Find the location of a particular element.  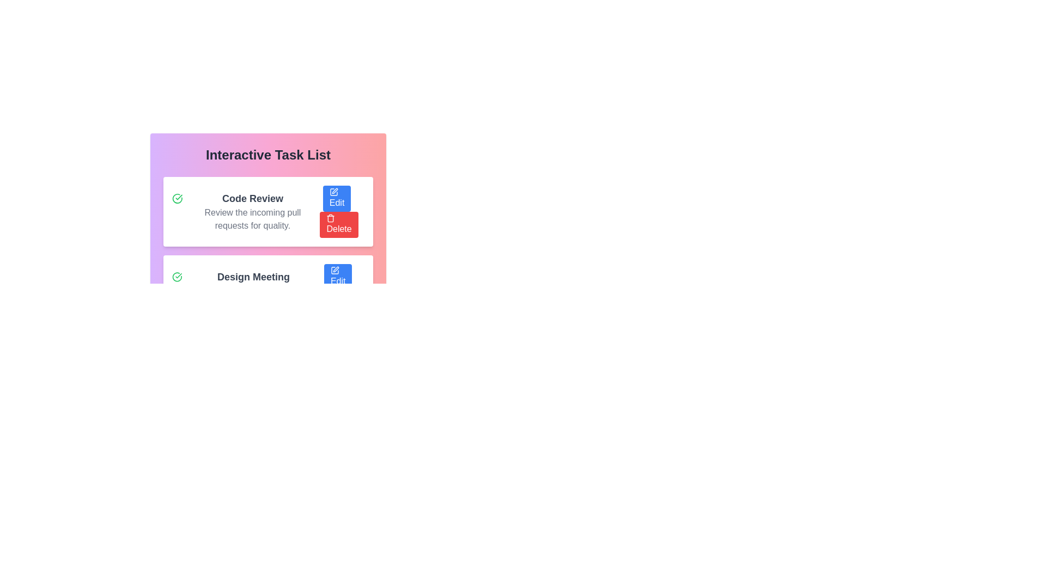

the 'Edit' button for the task titled 'Code Review' is located at coordinates (336, 199).